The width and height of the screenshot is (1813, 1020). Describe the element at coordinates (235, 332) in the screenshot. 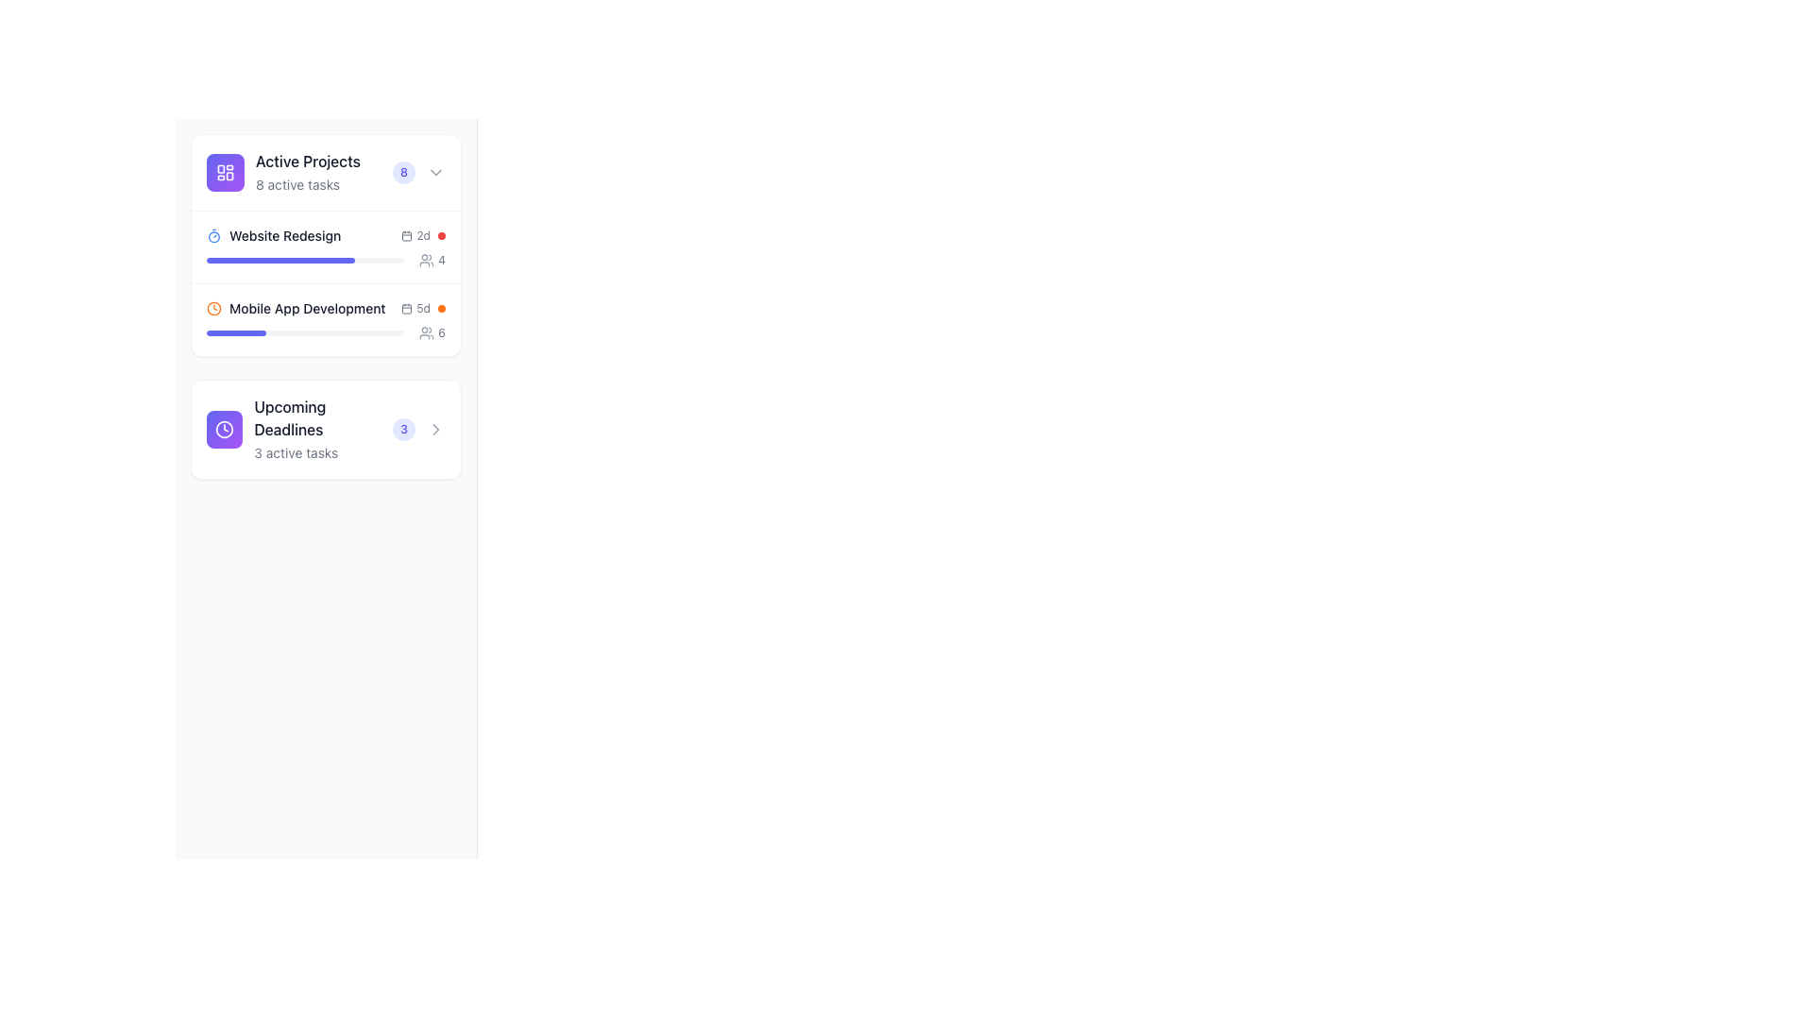

I see `the width of the filled indigo progress bar segment located below the 'Mobile App Development' label in the 'Active Projects' card to gauge its completion` at that location.